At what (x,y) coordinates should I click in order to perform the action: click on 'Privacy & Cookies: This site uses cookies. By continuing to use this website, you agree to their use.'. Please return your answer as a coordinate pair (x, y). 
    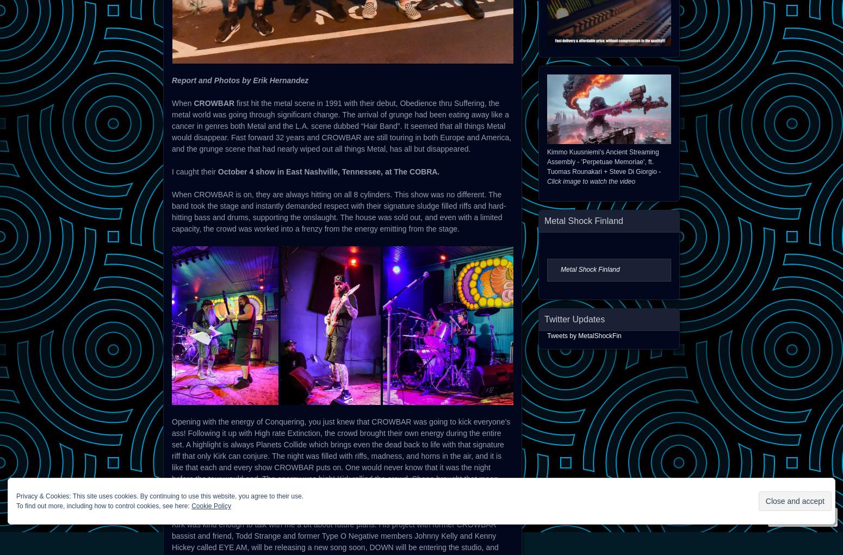
    Looking at the image, I should click on (160, 496).